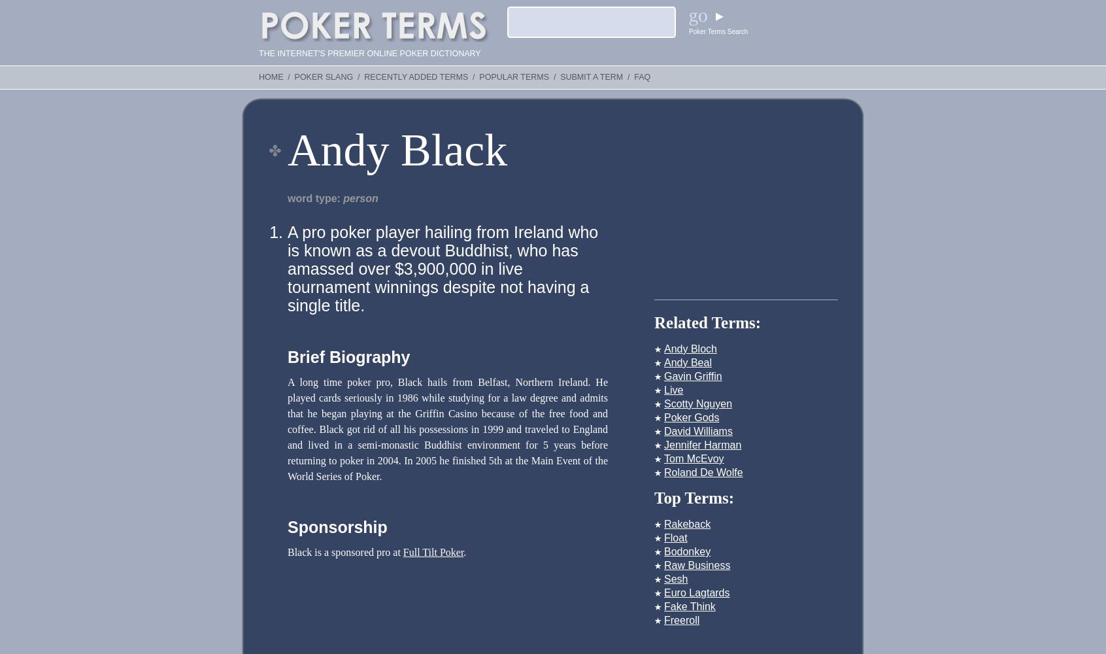  I want to click on 'David Williams', so click(697, 431).